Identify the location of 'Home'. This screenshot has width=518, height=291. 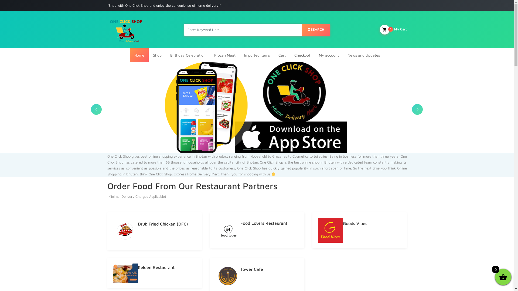
(139, 55).